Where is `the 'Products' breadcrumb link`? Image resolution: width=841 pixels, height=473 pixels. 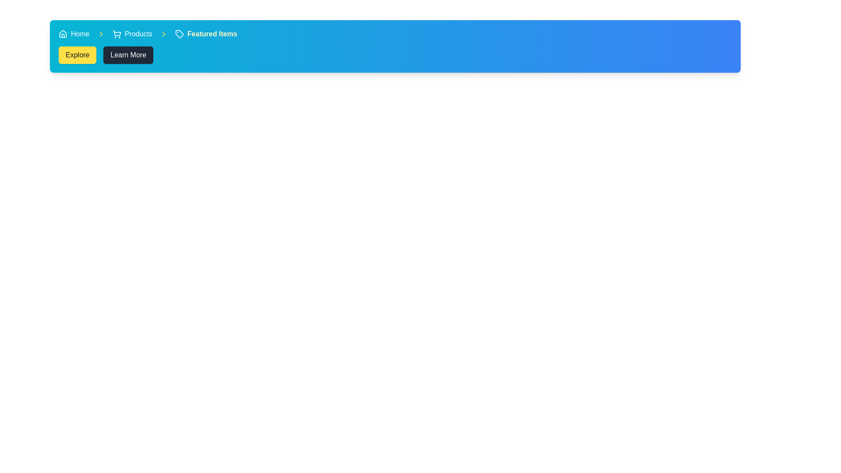
the 'Products' breadcrumb link is located at coordinates (132, 33).